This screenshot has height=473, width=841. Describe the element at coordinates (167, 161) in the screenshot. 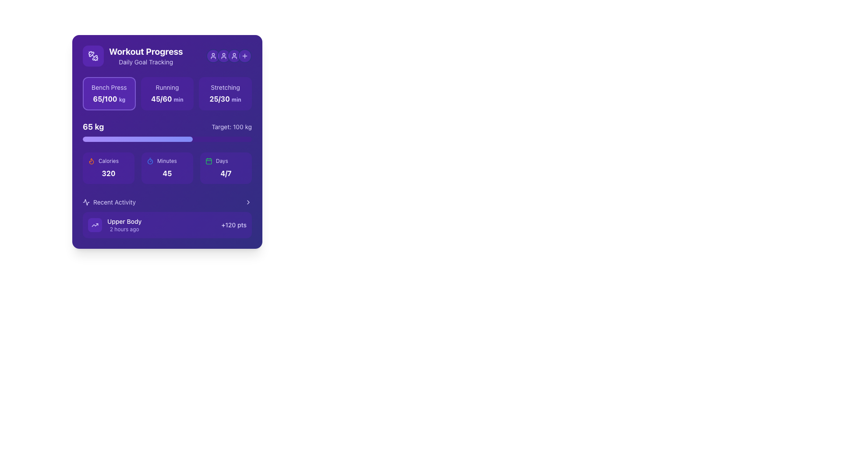

I see `the label with a blue timer icon and the word 'Minutes' written in violet, located in the bottom section of the card on the dashboard` at that location.